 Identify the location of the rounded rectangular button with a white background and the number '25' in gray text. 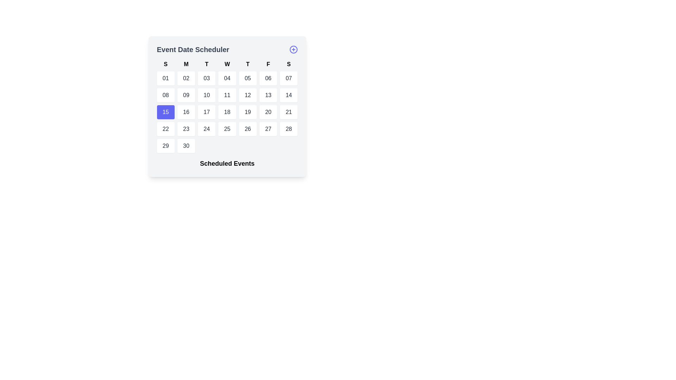
(227, 129).